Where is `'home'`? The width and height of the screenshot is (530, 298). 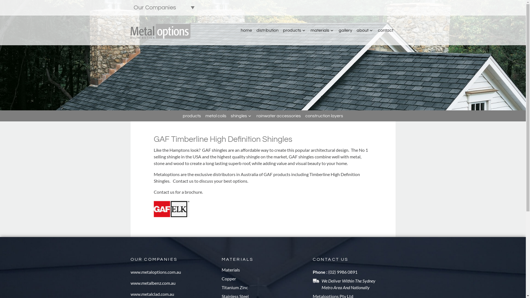
'home' is located at coordinates (246, 30).